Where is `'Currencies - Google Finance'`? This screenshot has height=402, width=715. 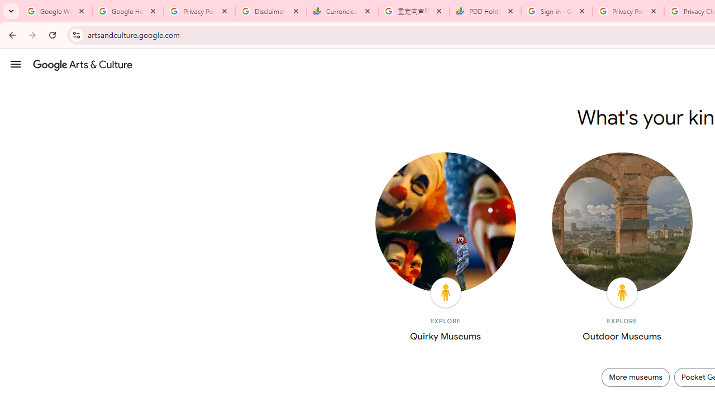
'Currencies - Google Finance' is located at coordinates (342, 11).